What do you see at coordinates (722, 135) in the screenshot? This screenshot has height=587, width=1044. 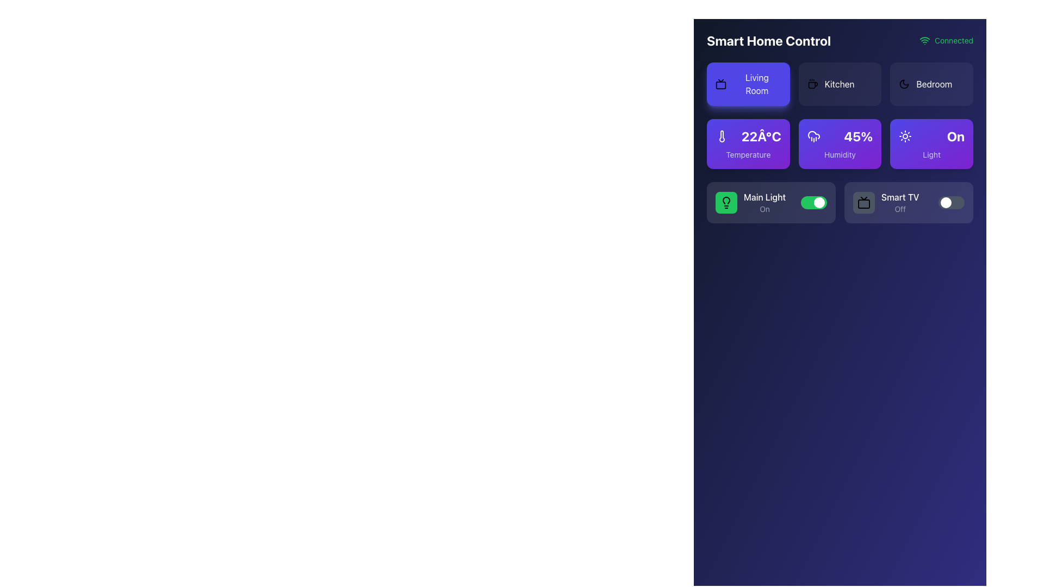 I see `the thermometer icon, which is styled with a white outline and round edges, located within a purple button displaying '22Â°C Temperature'. This icon is positioned to the left of the text and above the 'Main Light' controls` at bounding box center [722, 135].